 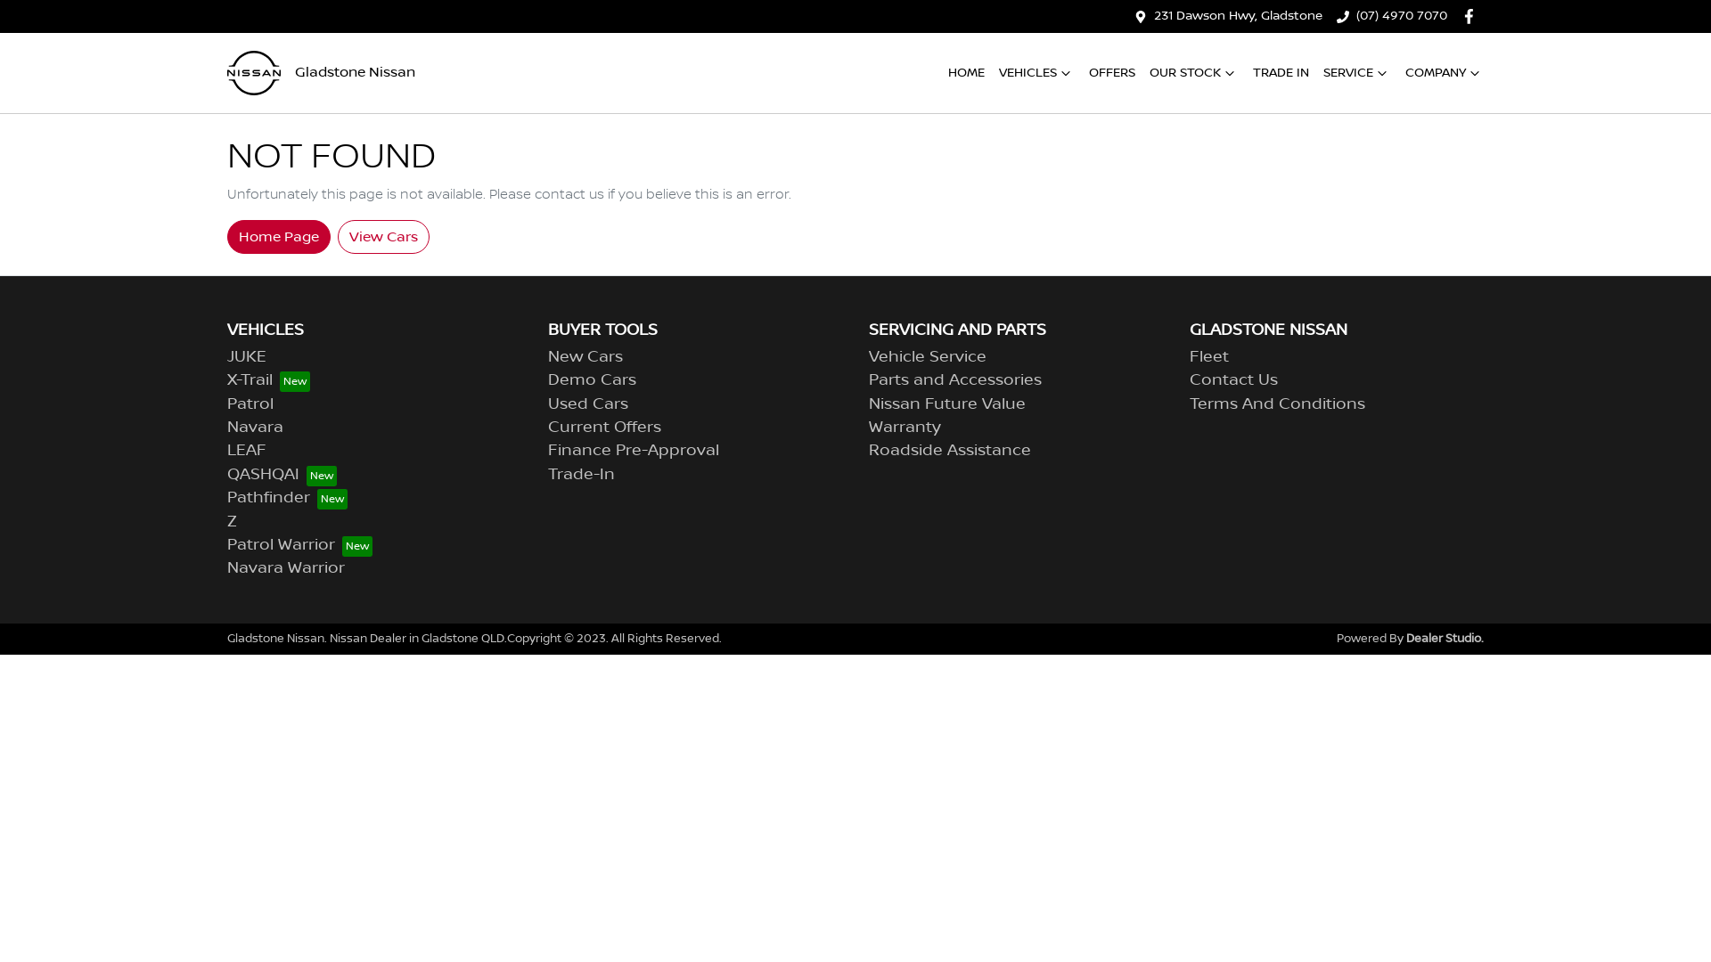 What do you see at coordinates (948, 449) in the screenshot?
I see `'Roadside Assistance'` at bounding box center [948, 449].